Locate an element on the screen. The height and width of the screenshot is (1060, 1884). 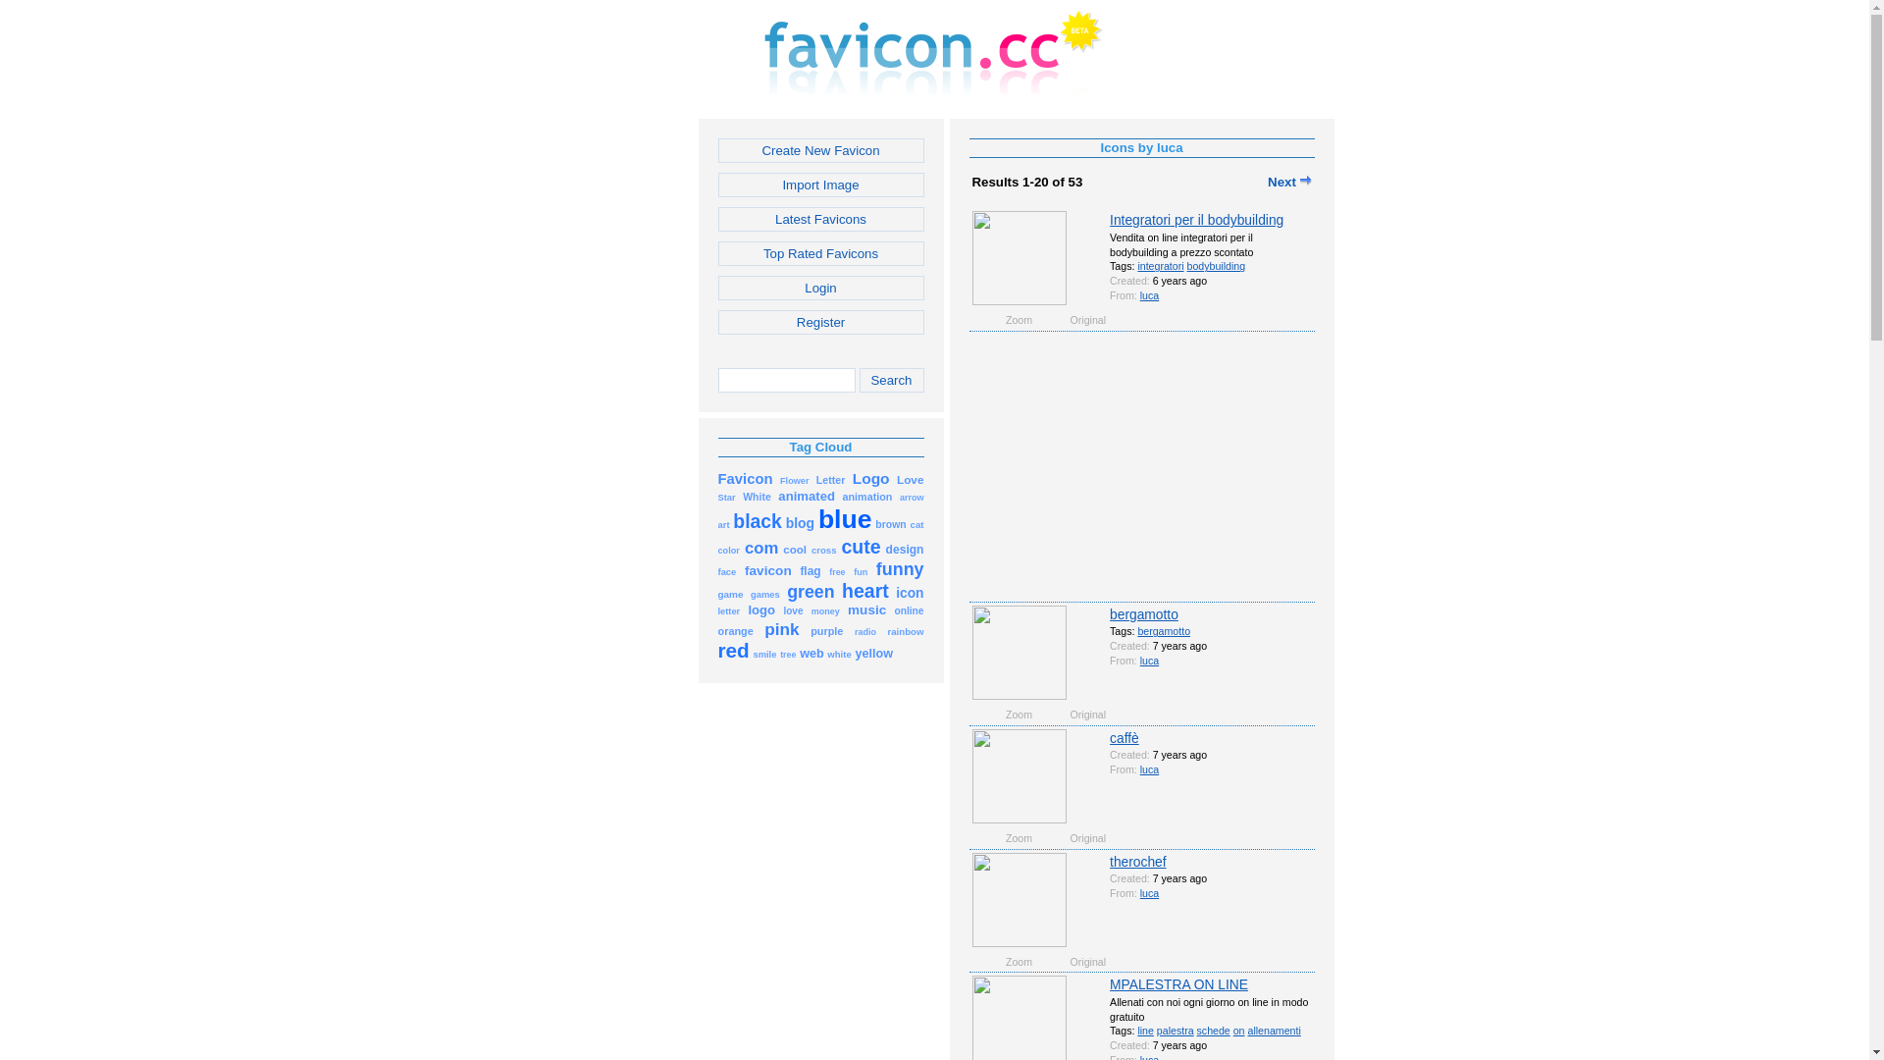
'cool' is located at coordinates (795, 549).